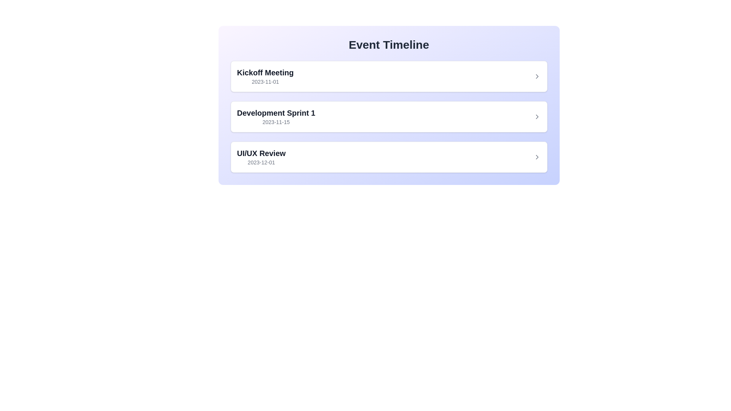 Image resolution: width=731 pixels, height=411 pixels. I want to click on the chevron icon button located on the far-right side of the layout, associated with the 'UI/UX Review' timeline entry, so click(536, 156).